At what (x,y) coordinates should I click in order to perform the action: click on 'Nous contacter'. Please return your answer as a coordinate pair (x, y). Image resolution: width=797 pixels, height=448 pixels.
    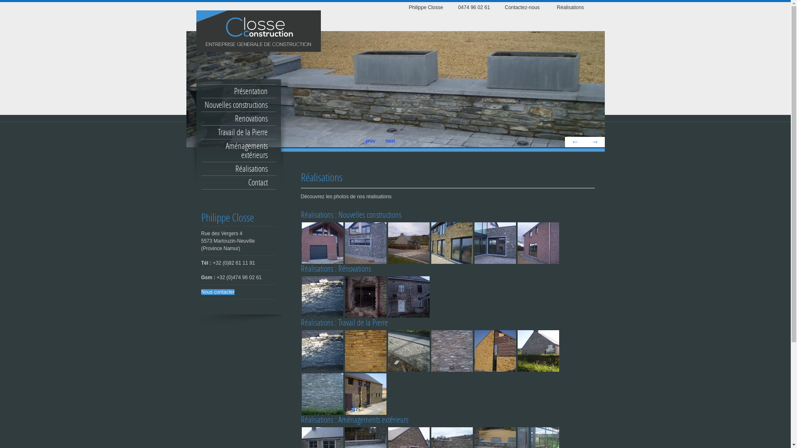
    Looking at the image, I should click on (218, 292).